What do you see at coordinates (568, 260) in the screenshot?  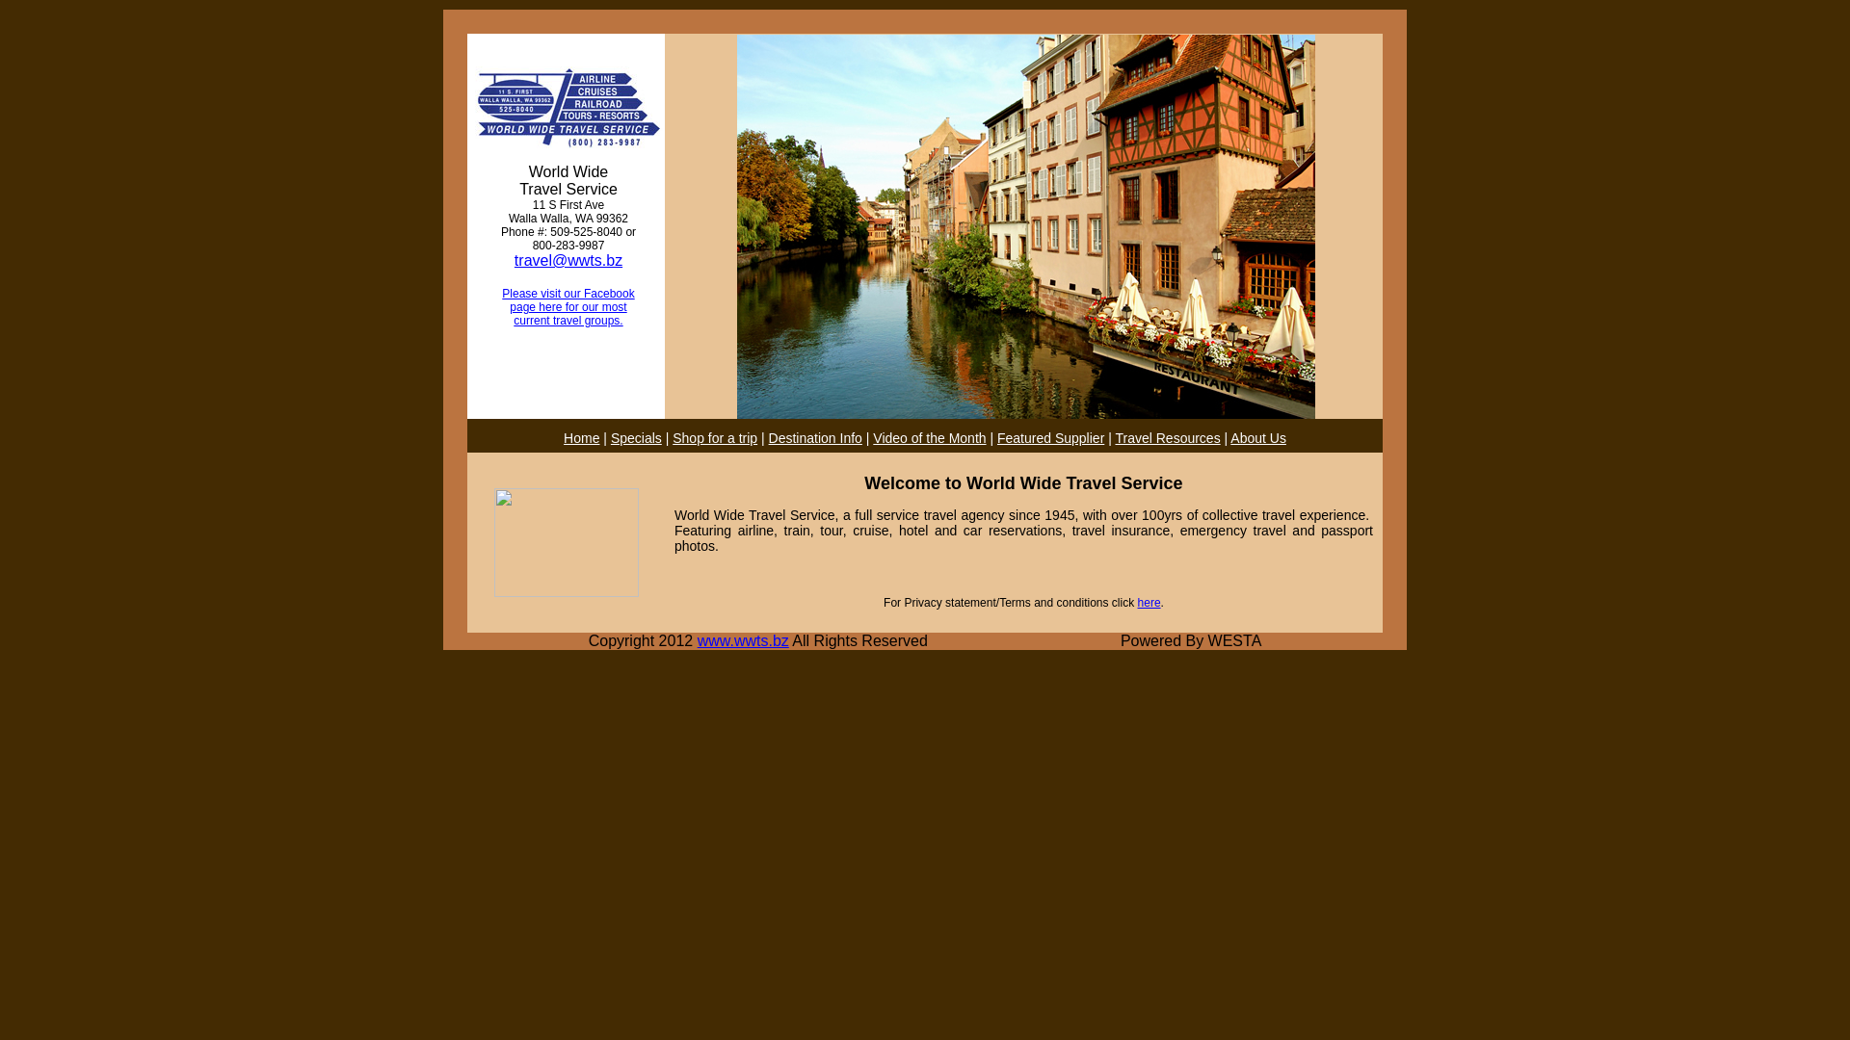 I see `'travel@wwts.bz'` at bounding box center [568, 260].